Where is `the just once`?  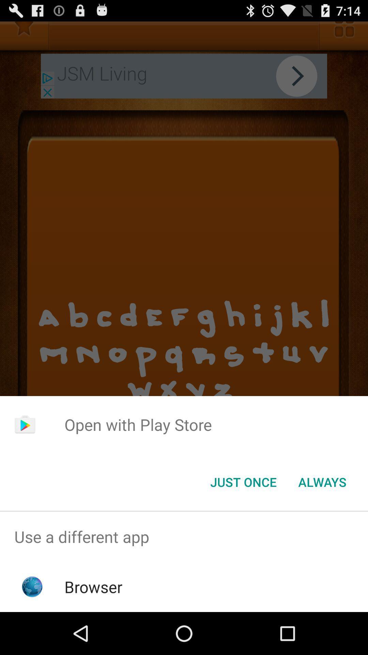 the just once is located at coordinates (243, 481).